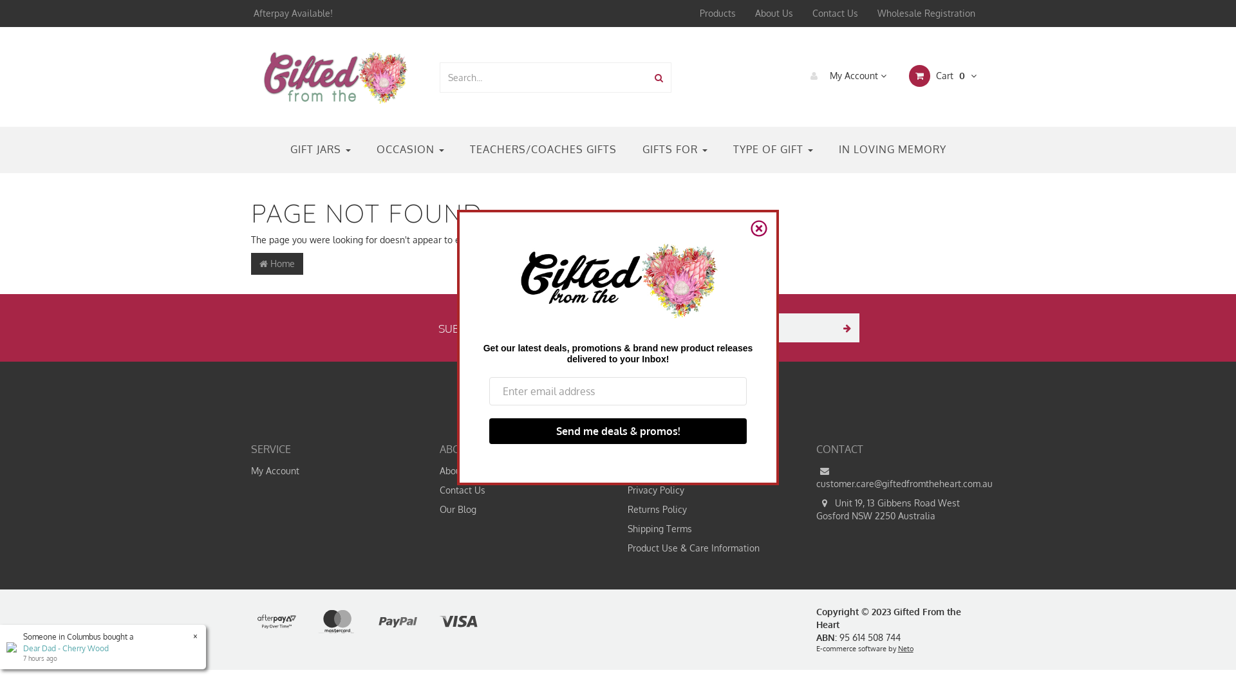 The width and height of the screenshot is (1236, 695). Describe the element at coordinates (904, 648) in the screenshot. I see `'Neto'` at that location.